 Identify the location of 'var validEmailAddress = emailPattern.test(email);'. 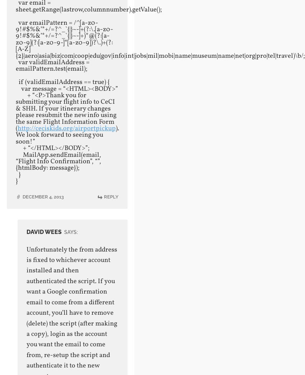
(52, 65).